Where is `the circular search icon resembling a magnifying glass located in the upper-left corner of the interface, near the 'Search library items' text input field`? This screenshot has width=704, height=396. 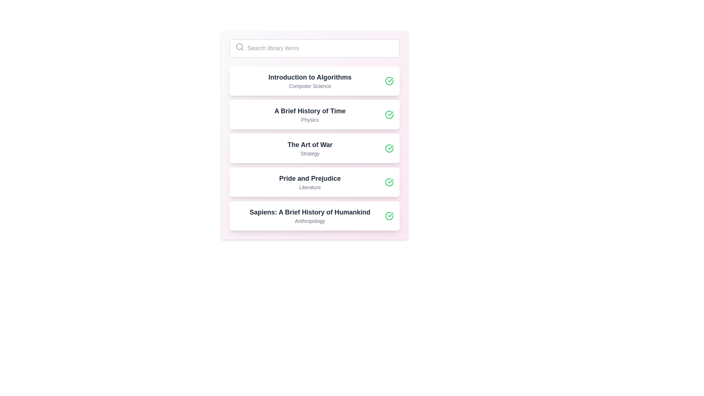
the circular search icon resembling a magnifying glass located in the upper-left corner of the interface, near the 'Search library items' text input field is located at coordinates (239, 47).